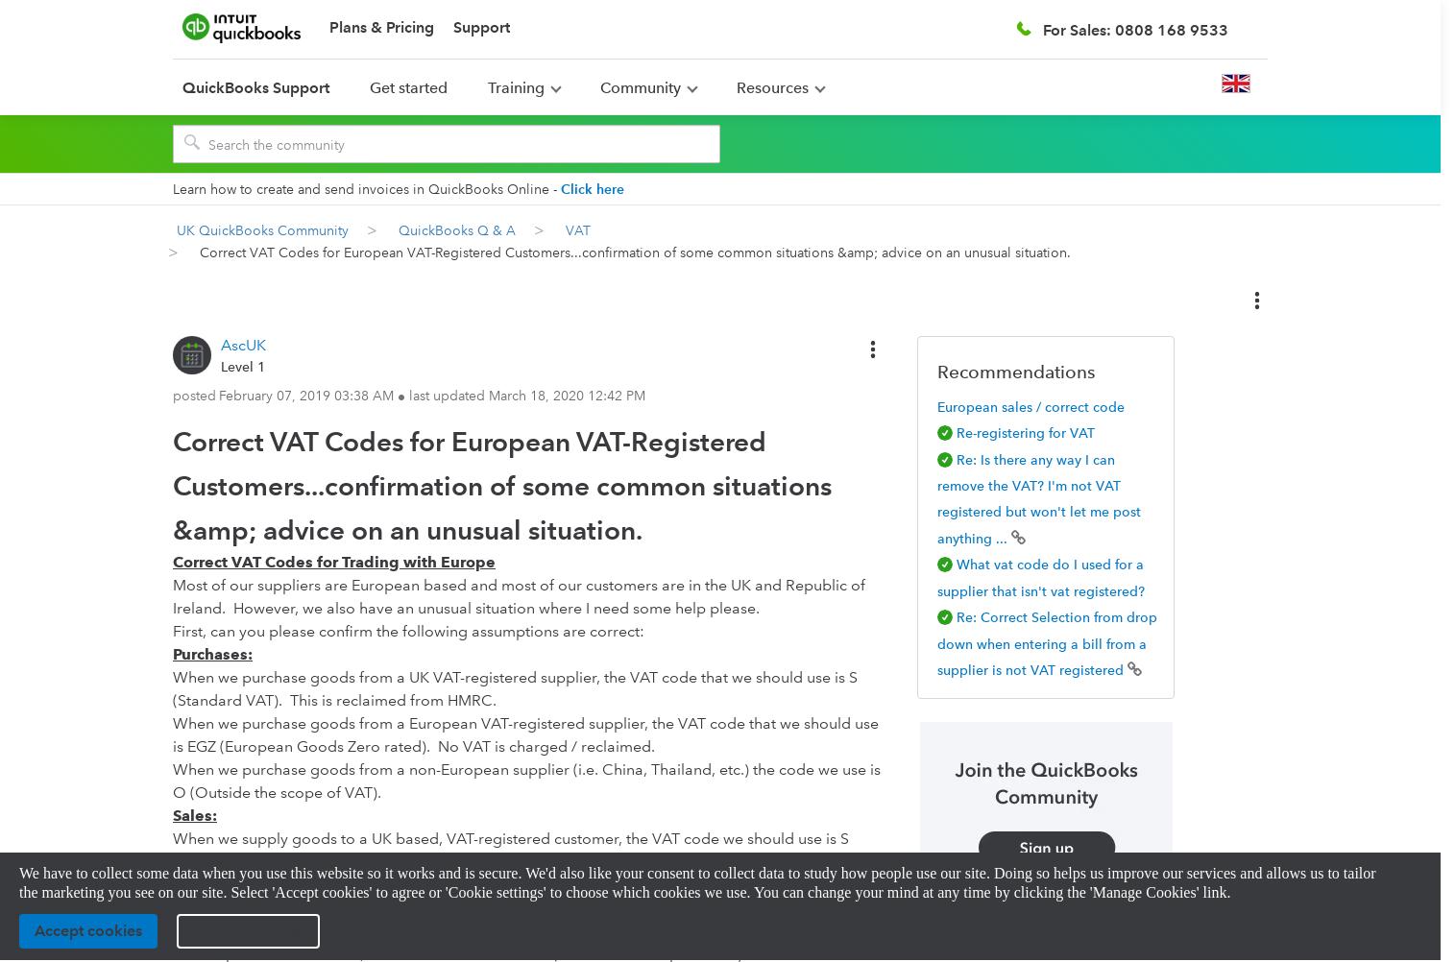  What do you see at coordinates (560, 188) in the screenshot?
I see `'Click here'` at bounding box center [560, 188].